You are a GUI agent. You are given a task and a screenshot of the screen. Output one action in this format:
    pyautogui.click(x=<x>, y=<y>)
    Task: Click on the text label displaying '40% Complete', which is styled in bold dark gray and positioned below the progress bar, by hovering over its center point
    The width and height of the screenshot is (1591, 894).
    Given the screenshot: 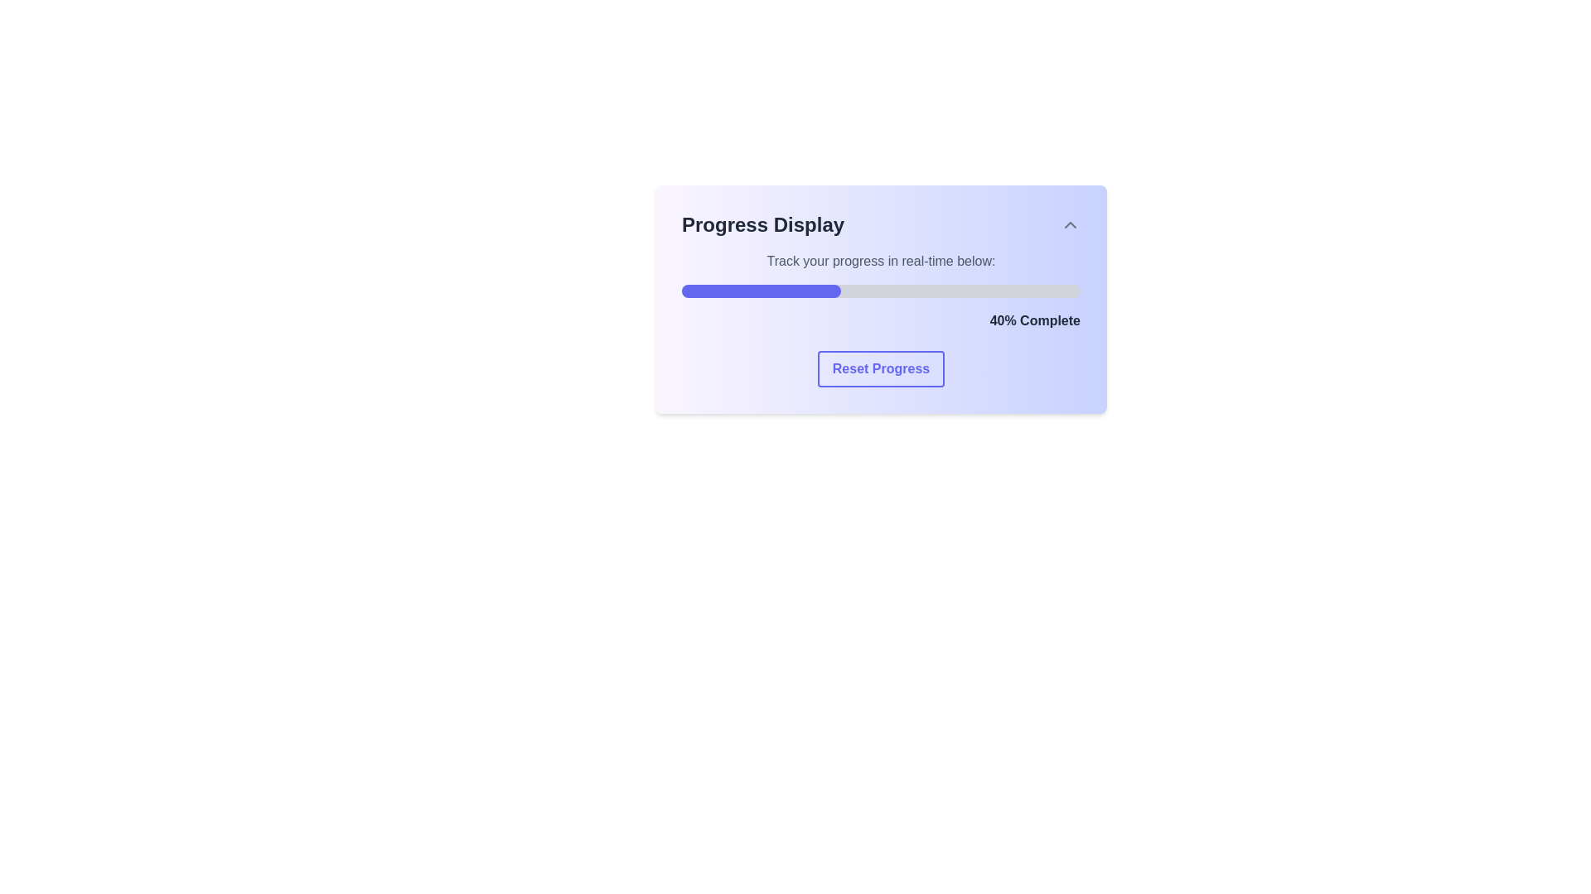 What is the action you would take?
    pyautogui.click(x=880, y=321)
    